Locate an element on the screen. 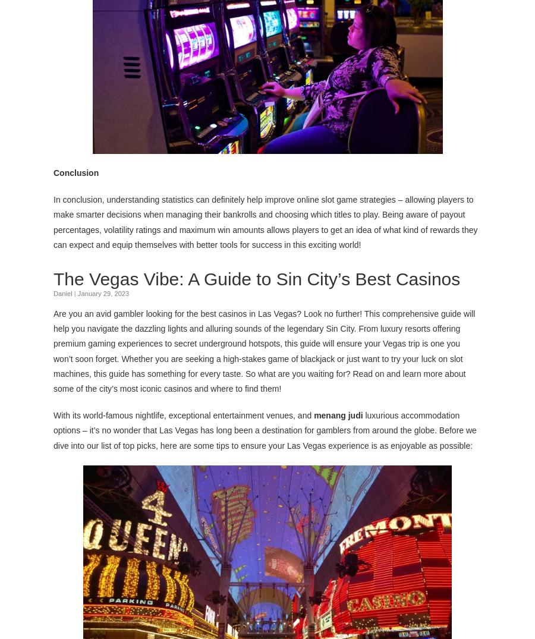  'Are you an avid gambler looking for the best casinos in Las Vegas? Look no further! This comprehensive guide will help you navigate the dazzling lights and alluring sounds of the legendary Sin City. From luxury resorts offering premium gaming experiences to secret underground hotspots, this guide will ensure your Vegas trip is one you won’t soon forget. Whether you are seeking a high-stakes game of blackjack or just want to try your luck on slot machines, this guide has something for every taste. So what are you waiting for? Read on and learn more about some of the city’s most iconic casinos and where to find them!' is located at coordinates (264, 350).